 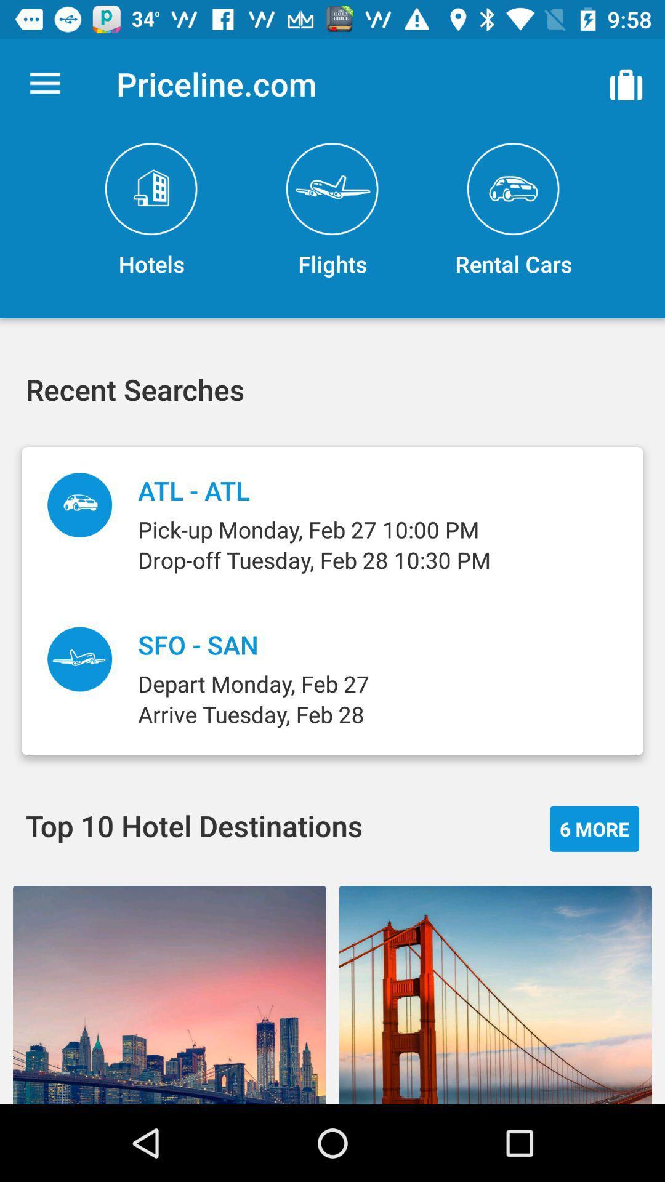 I want to click on 6 more item, so click(x=594, y=829).